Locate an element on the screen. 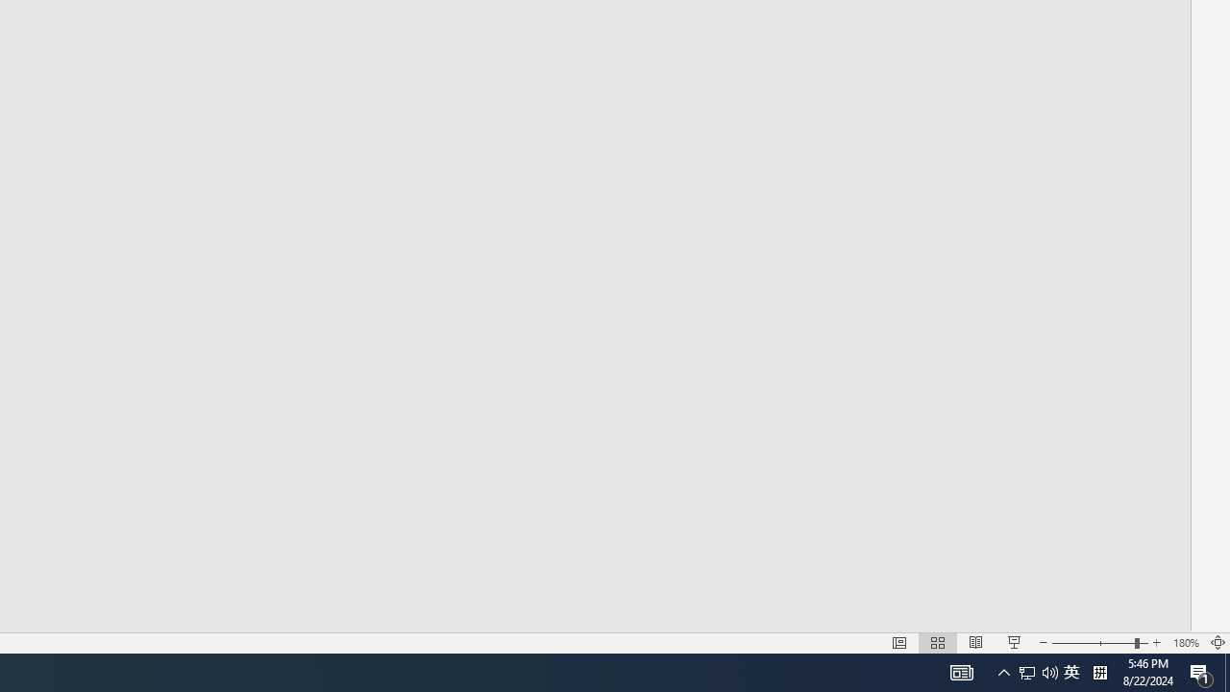 Image resolution: width=1230 pixels, height=692 pixels. 'Normal' is located at coordinates (898, 643).